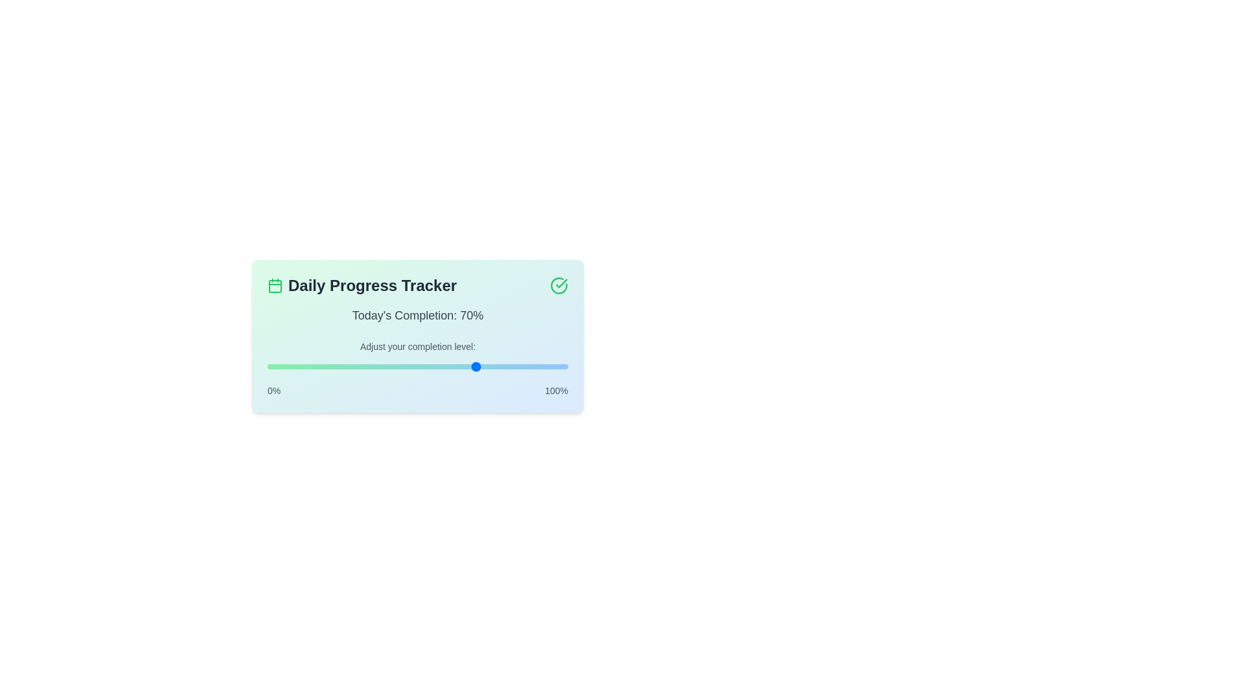 The height and width of the screenshot is (700, 1244). What do you see at coordinates (297, 367) in the screenshot?
I see `the progress level to 10%` at bounding box center [297, 367].